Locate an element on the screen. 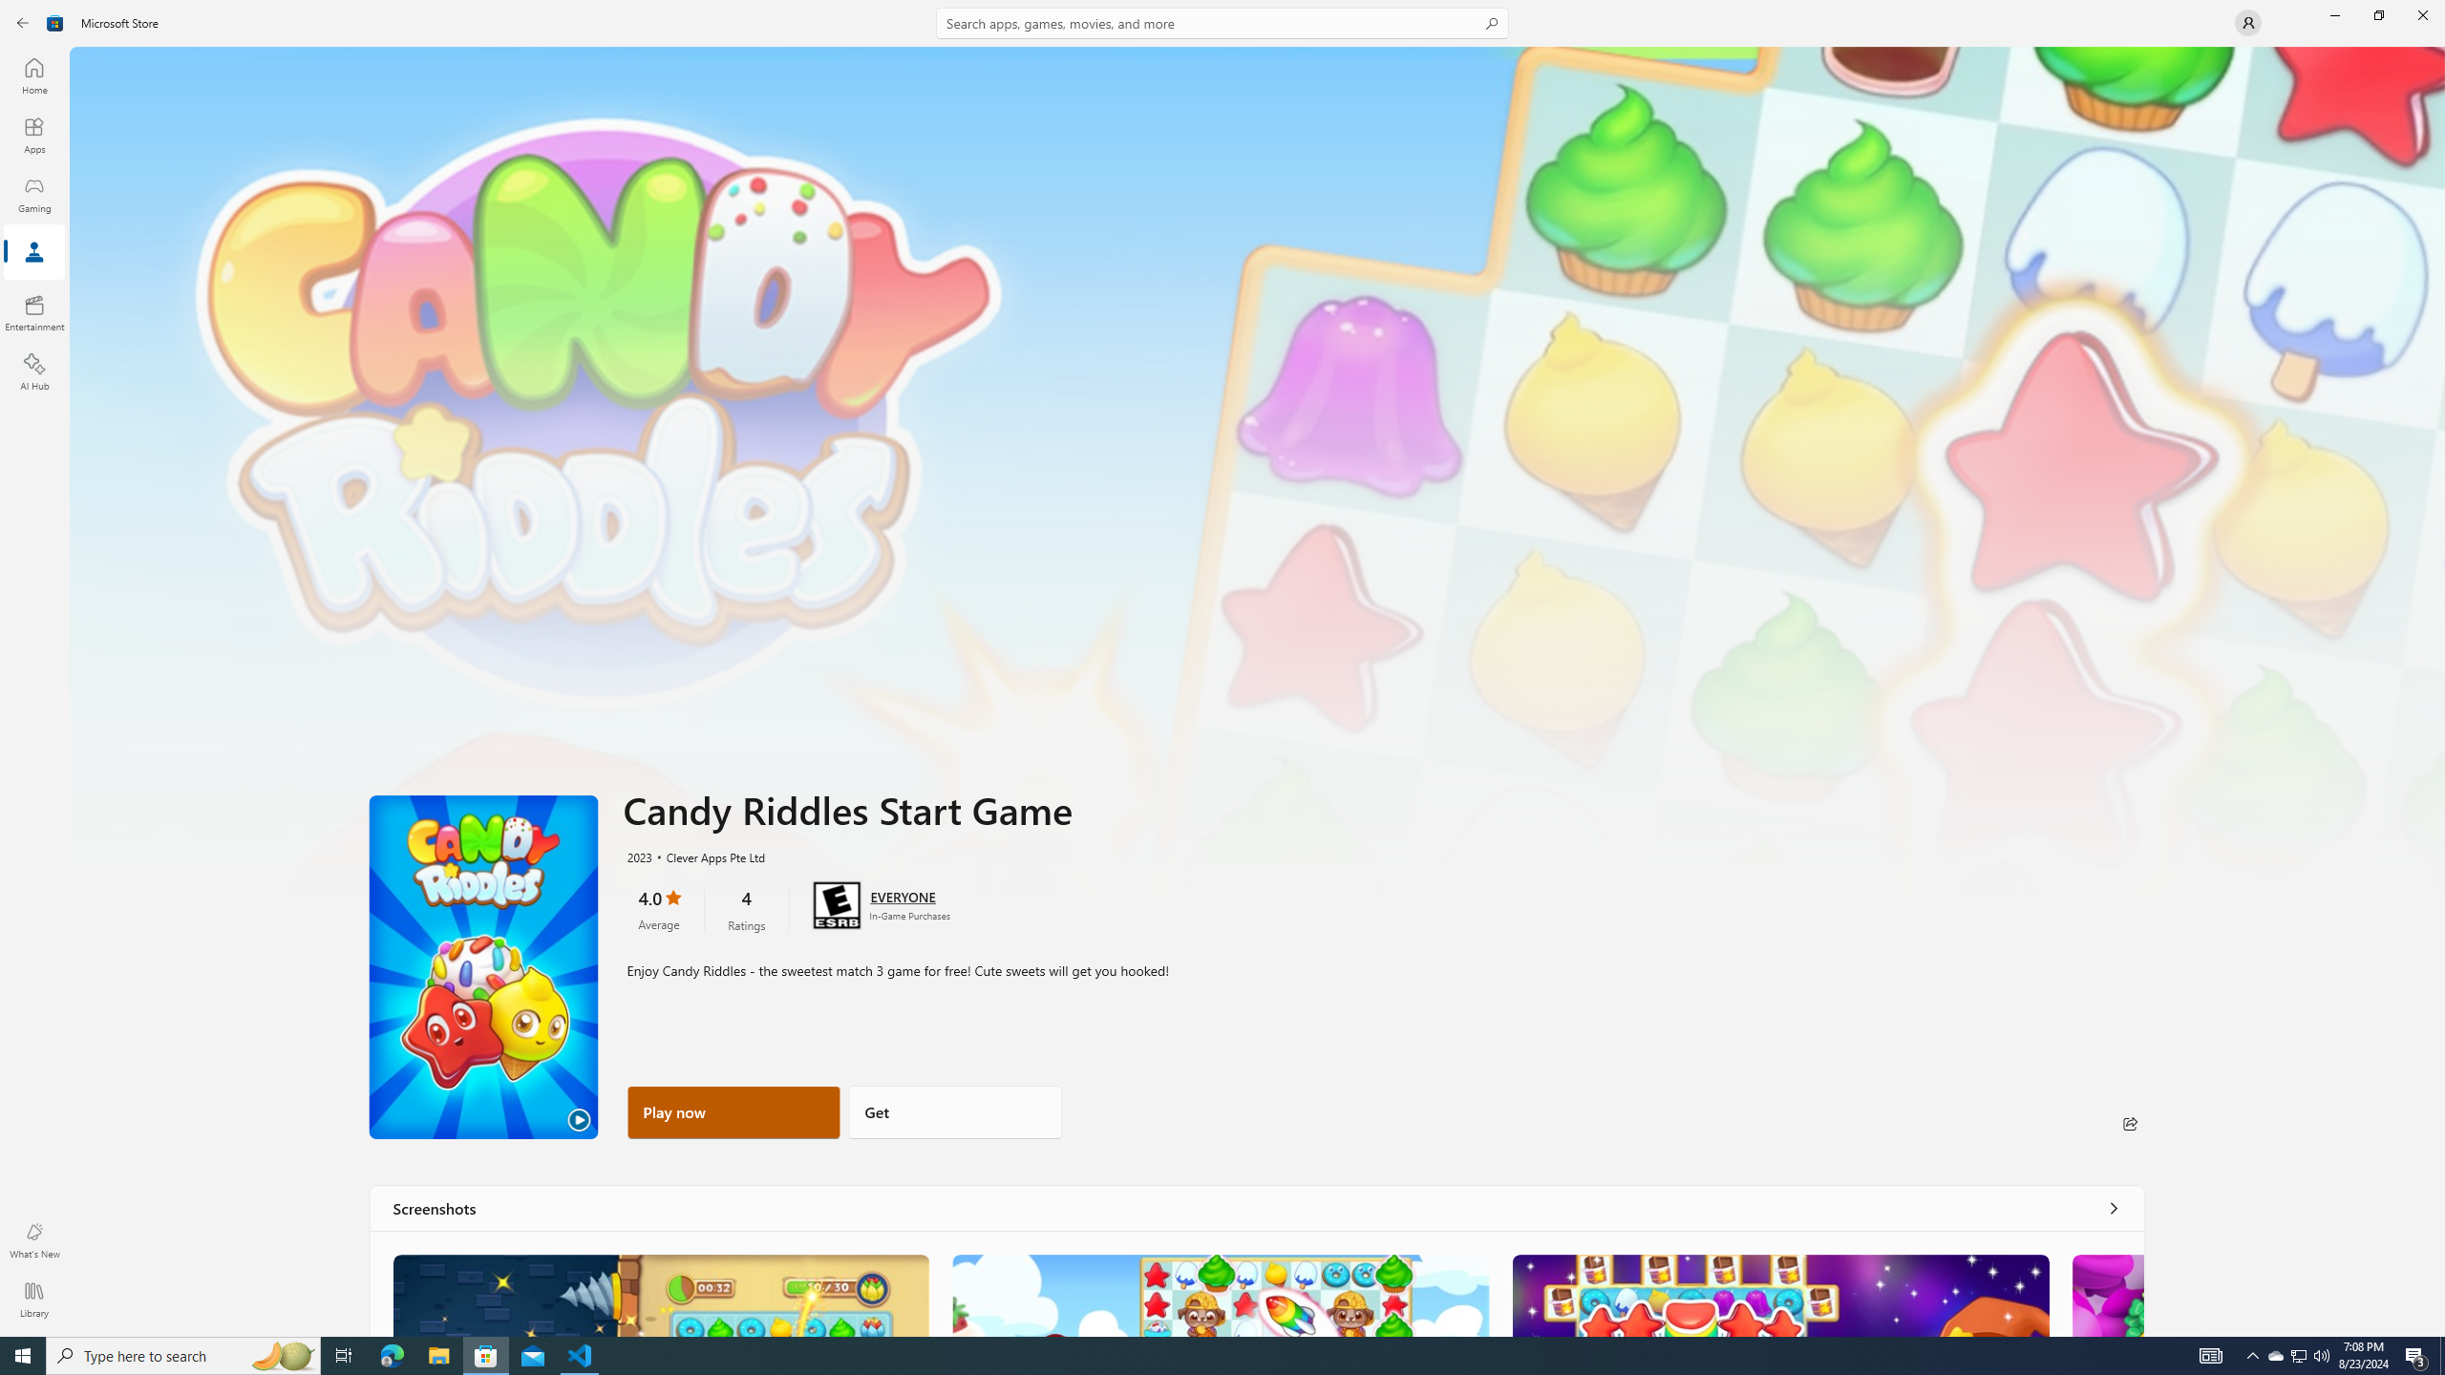 The width and height of the screenshot is (2445, 1375). 'Arcade' is located at coordinates (32, 252).